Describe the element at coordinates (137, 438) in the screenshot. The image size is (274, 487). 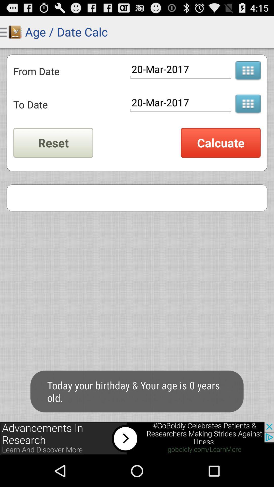
I see `visit advertiser` at that location.